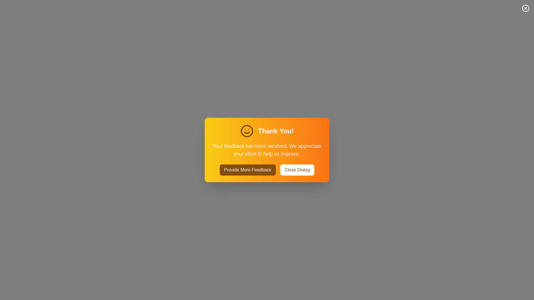  I want to click on the close icon at the top-right corner to close the dialog, so click(525, 8).